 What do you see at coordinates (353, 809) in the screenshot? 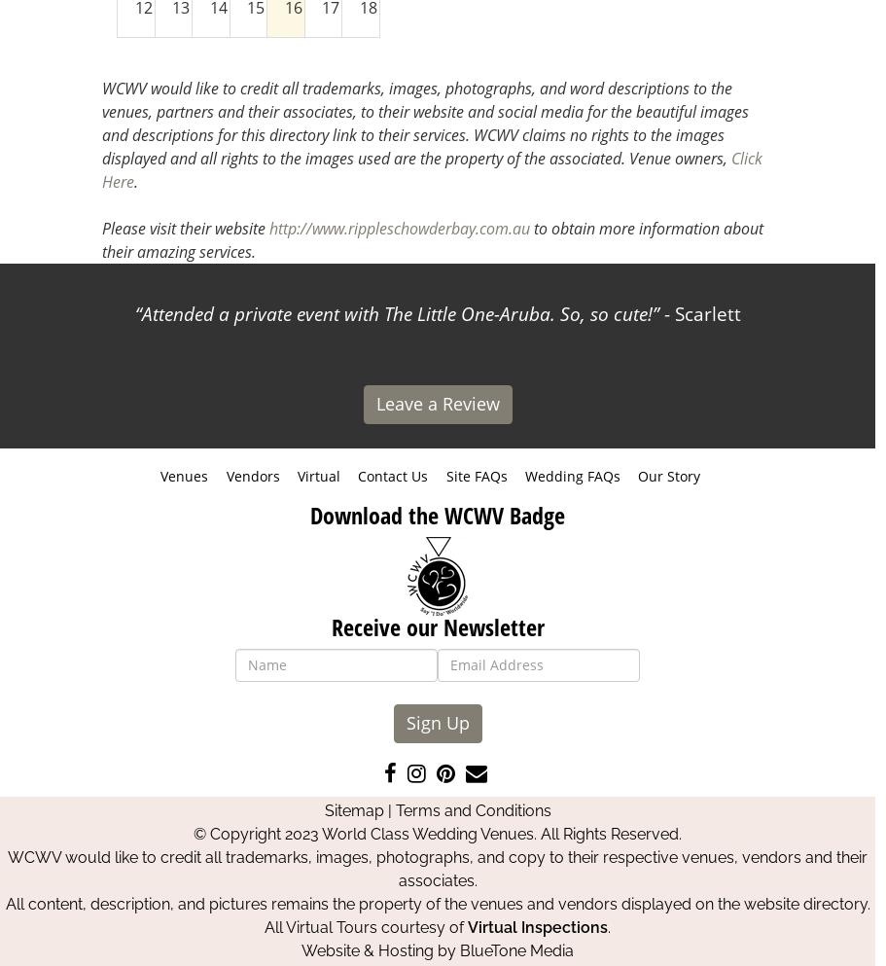
I see `'Sitemap'` at bounding box center [353, 809].